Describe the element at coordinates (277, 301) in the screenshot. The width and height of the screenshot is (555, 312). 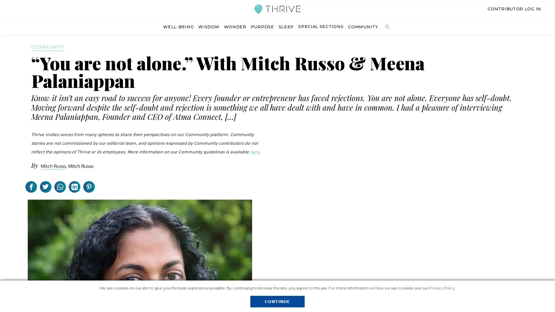
I see `CONTINUE` at that location.